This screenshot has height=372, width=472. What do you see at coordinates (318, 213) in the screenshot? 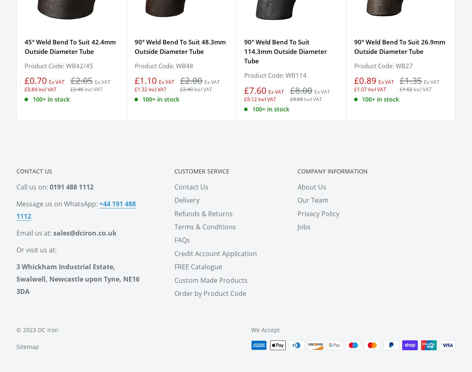
I see `'Privacy Policy'` at bounding box center [318, 213].